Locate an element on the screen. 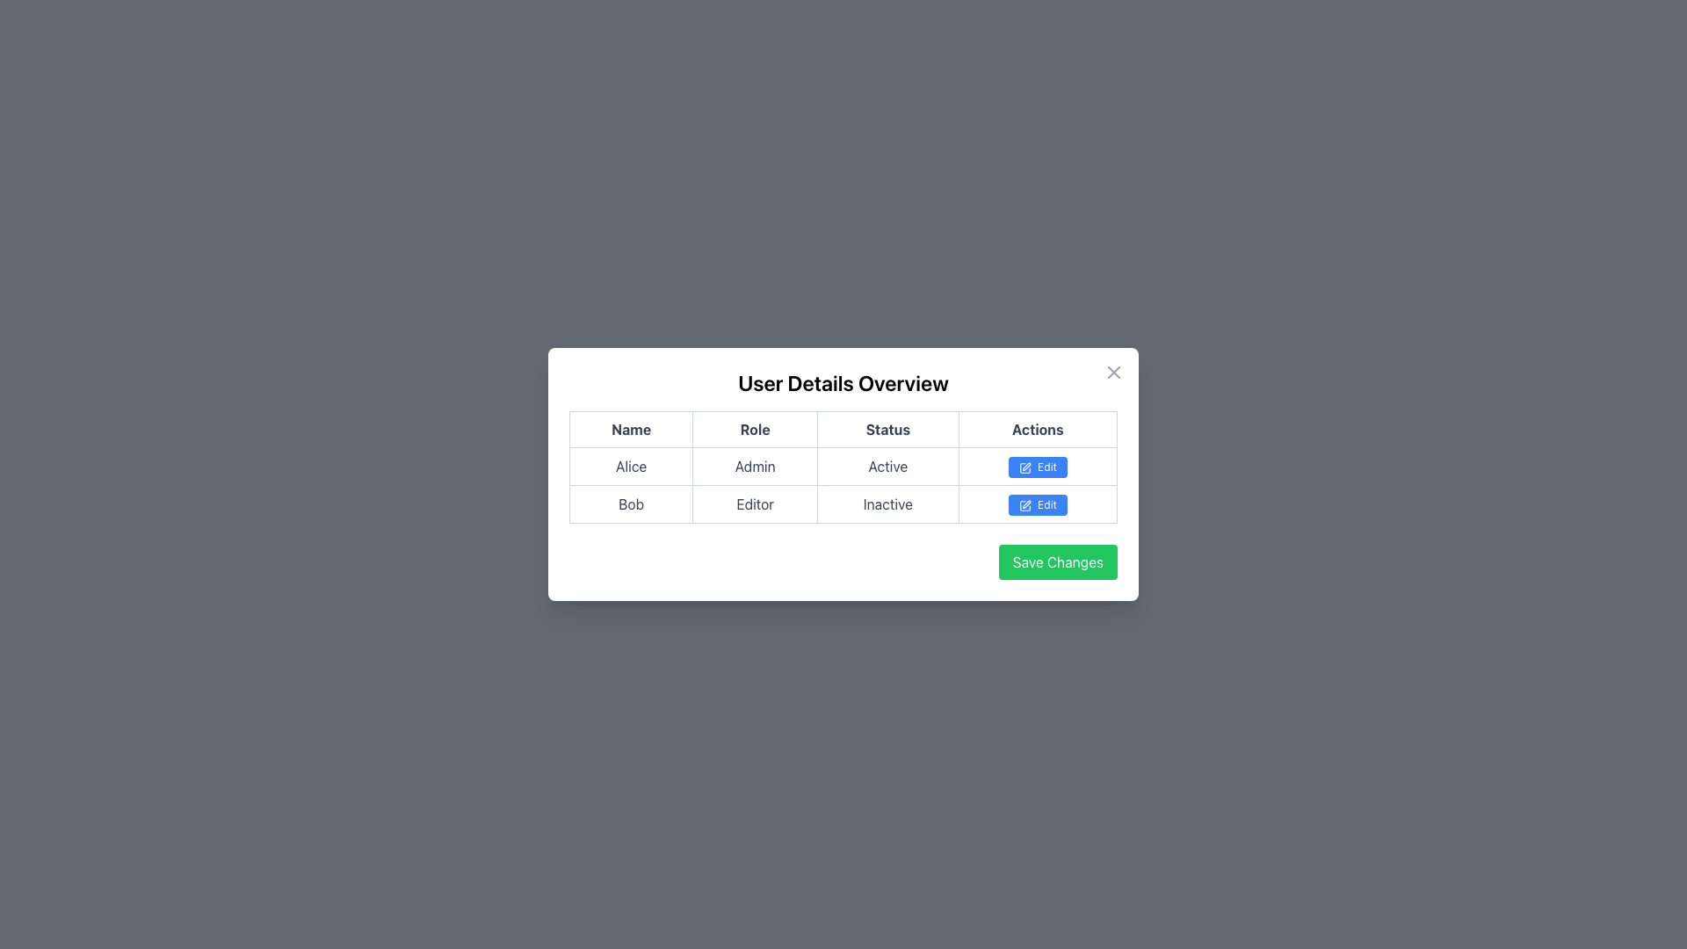 The height and width of the screenshot is (949, 1687). the Table Header Cell labeled 'Role' to identify the 'Role' column is located at coordinates (755, 430).